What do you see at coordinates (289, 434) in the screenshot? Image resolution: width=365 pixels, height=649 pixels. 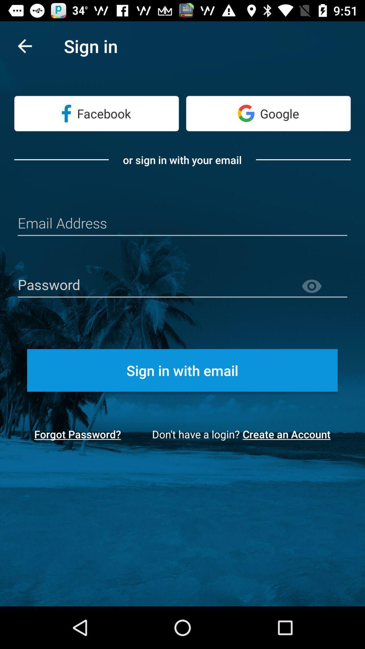 I see `item next to don t have icon` at bounding box center [289, 434].